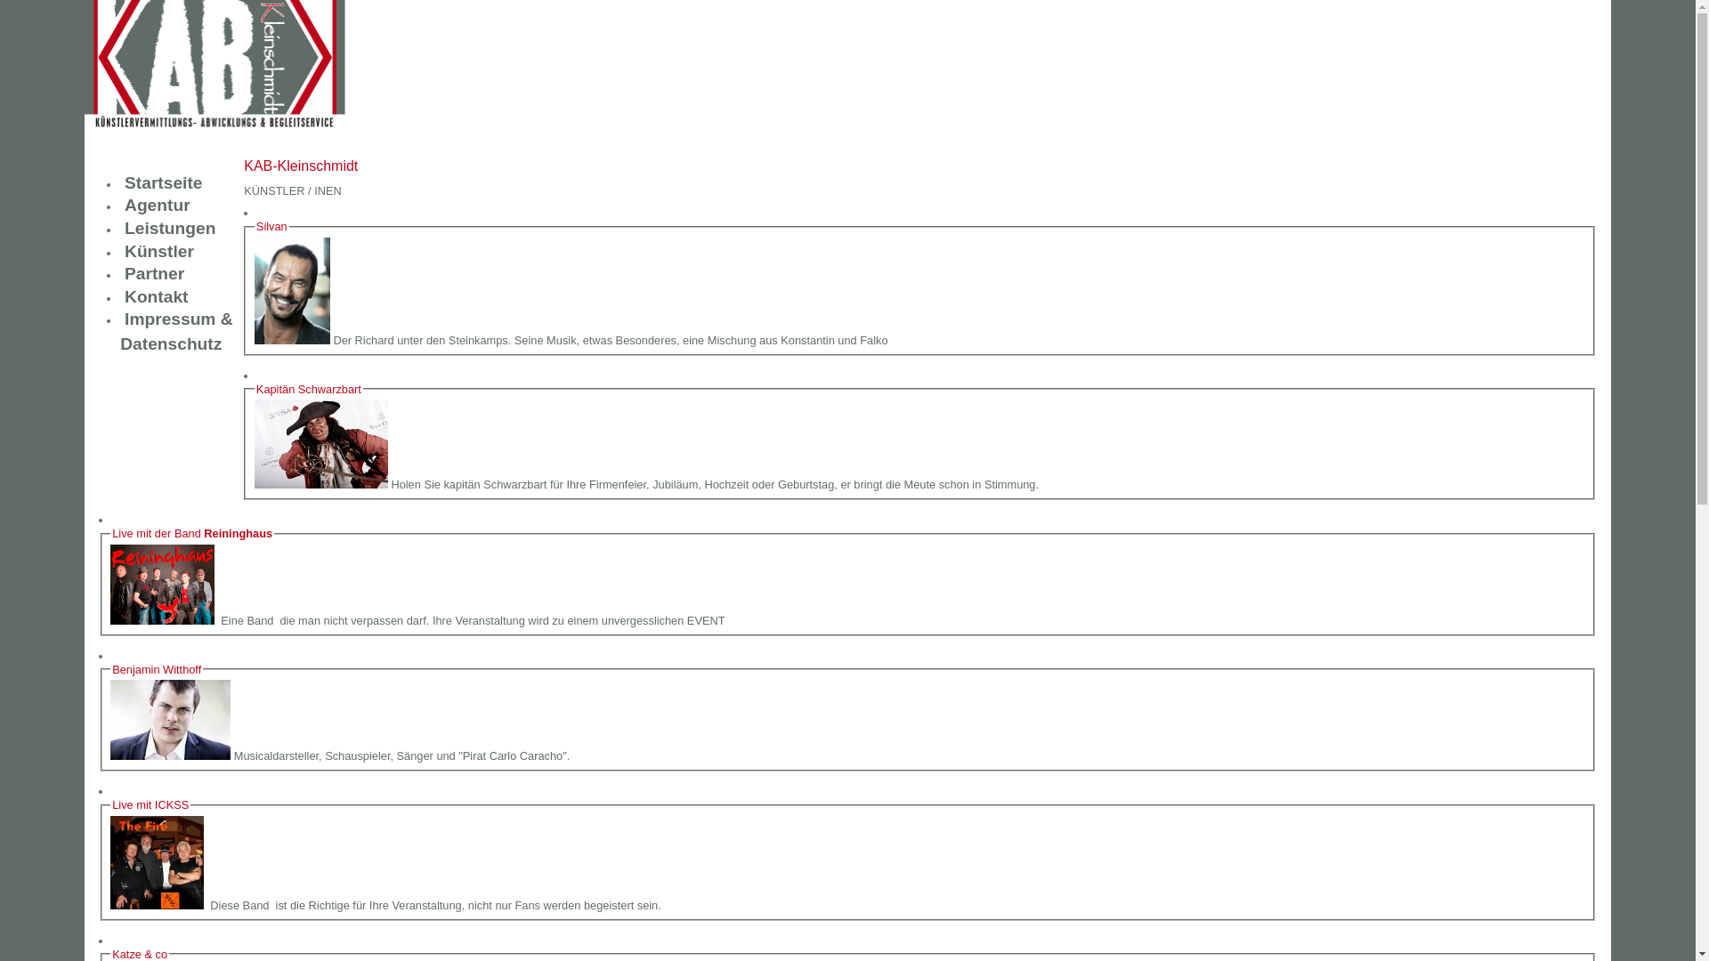 The width and height of the screenshot is (1709, 961). I want to click on 'Silvan', so click(271, 225).